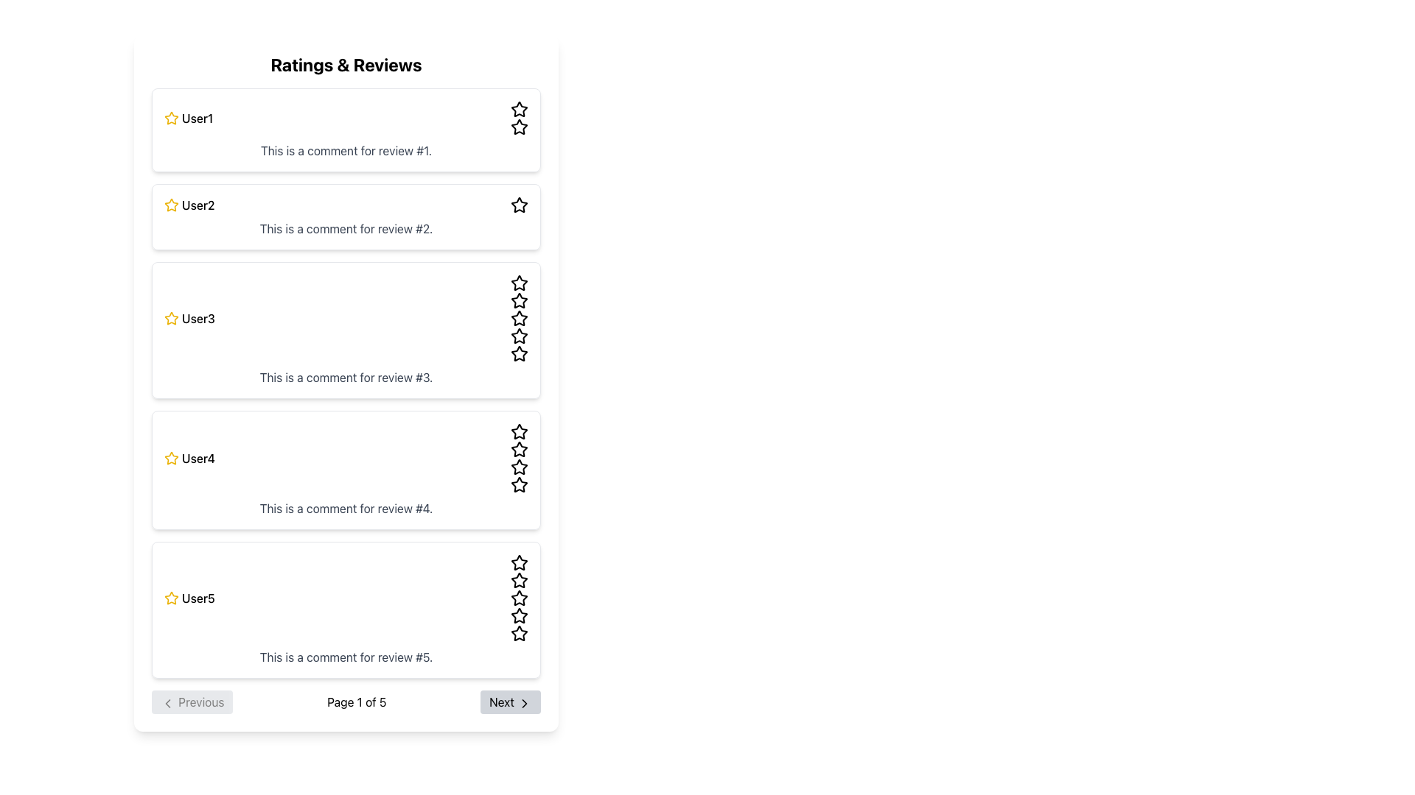 This screenshot has width=1415, height=795. Describe the element at coordinates (520, 467) in the screenshot. I see `the fifth star icon in the rating widget of the fourth review card labeled 'User4'` at that location.